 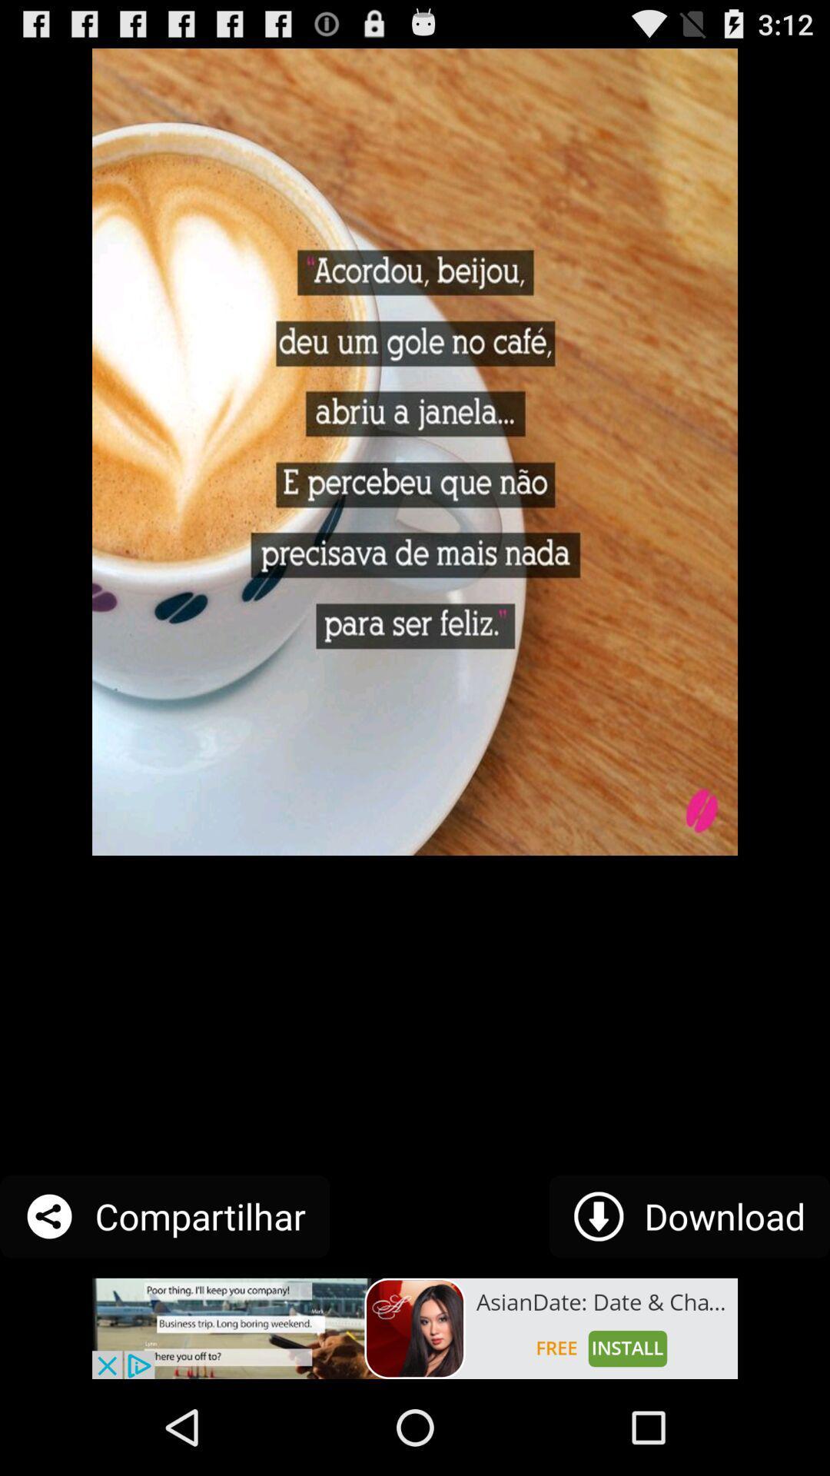 I want to click on advertisement, so click(x=415, y=1328).